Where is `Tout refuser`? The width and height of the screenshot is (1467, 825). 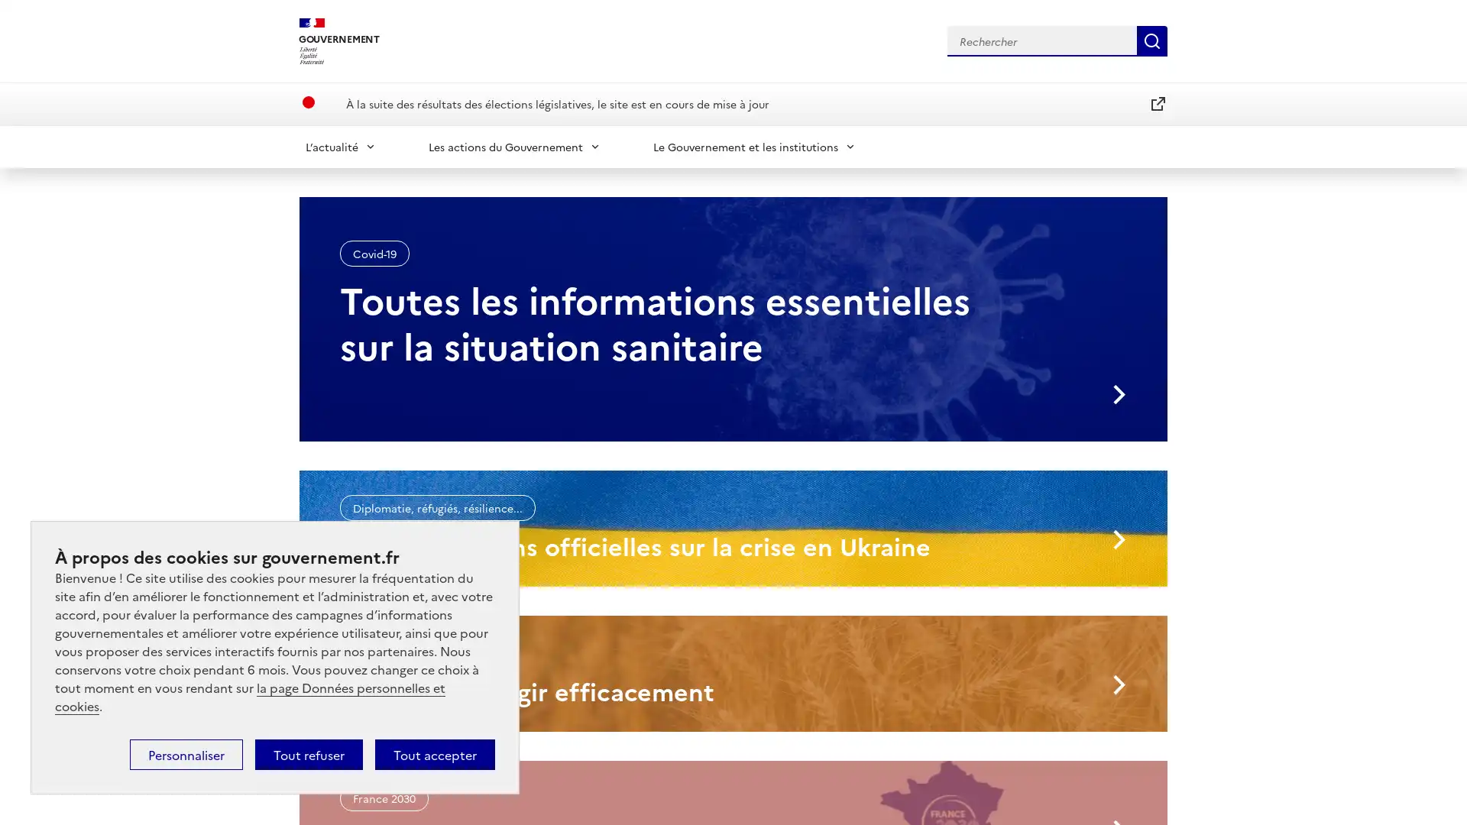 Tout refuser is located at coordinates (308, 753).